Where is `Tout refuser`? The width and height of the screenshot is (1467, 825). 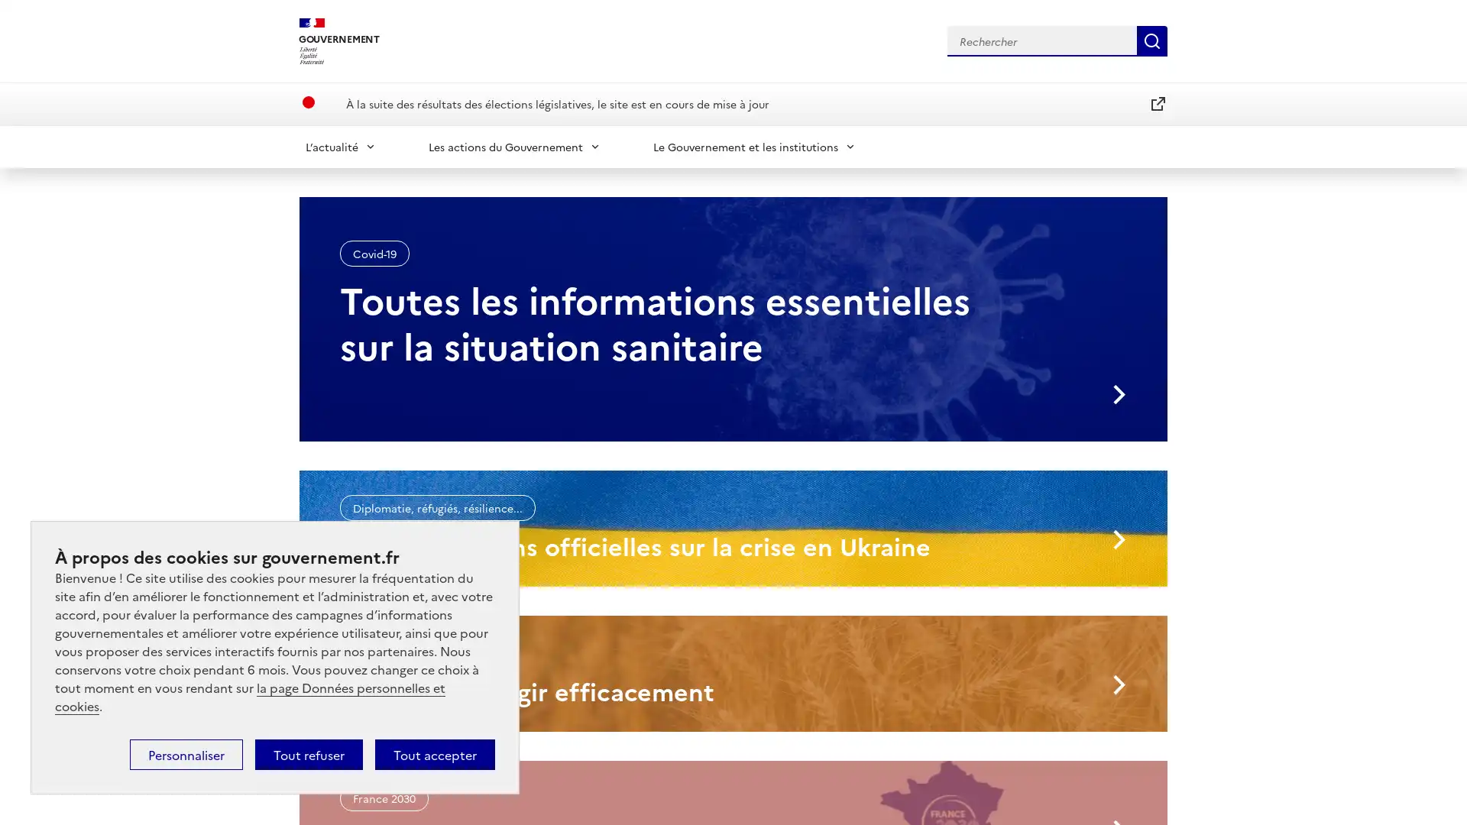 Tout refuser is located at coordinates (308, 753).